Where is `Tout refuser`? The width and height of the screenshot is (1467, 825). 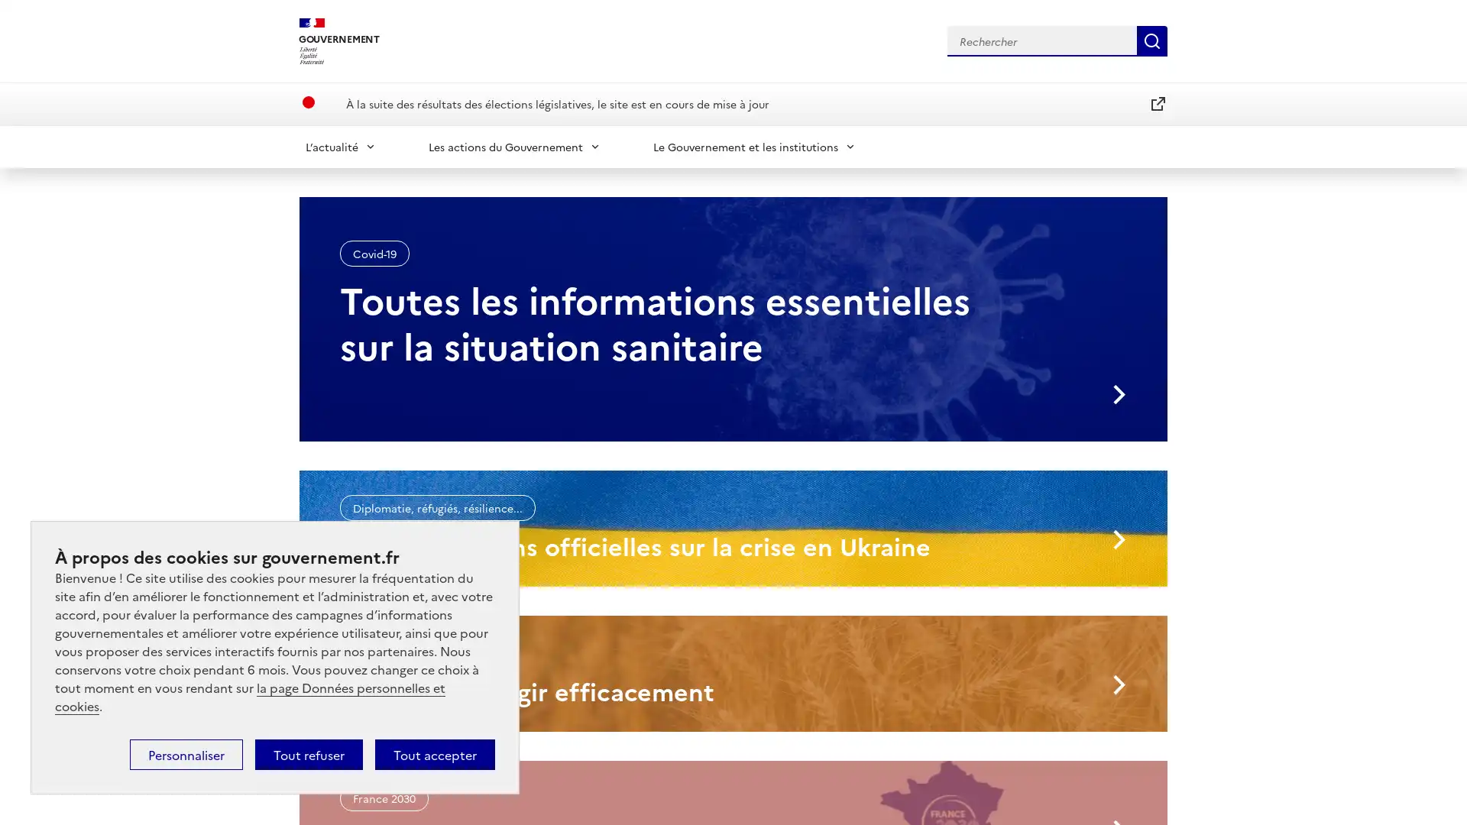 Tout refuser is located at coordinates (308, 753).